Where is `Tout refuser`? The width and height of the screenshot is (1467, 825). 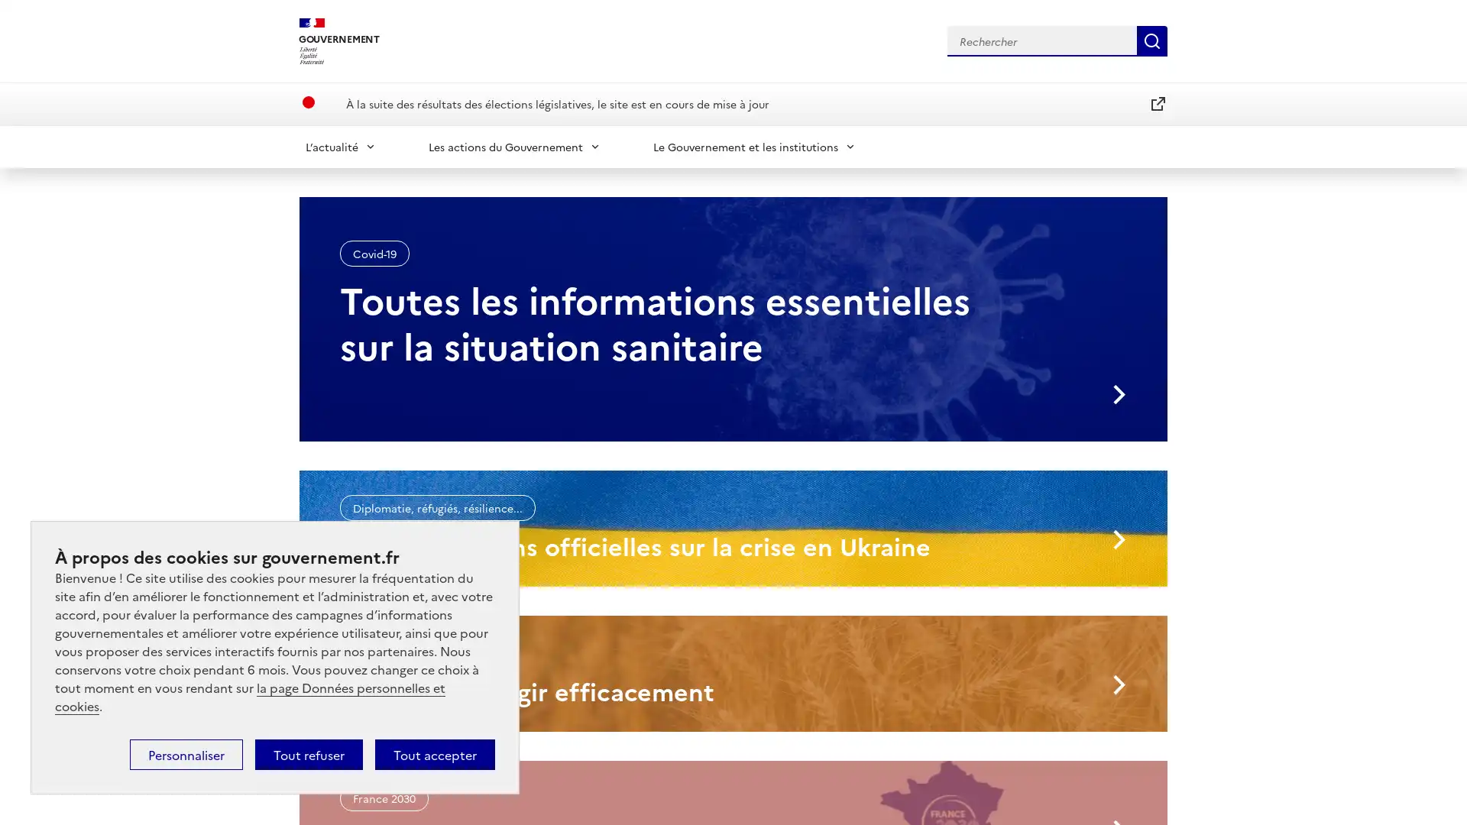 Tout refuser is located at coordinates (308, 753).